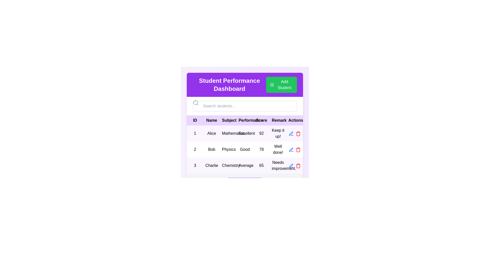 This screenshot has height=271, width=482. What do you see at coordinates (291, 166) in the screenshot?
I see `the pen-shaped icon button under the 'Actions' column in the third row for 'Charlie' to initiate editing` at bounding box center [291, 166].